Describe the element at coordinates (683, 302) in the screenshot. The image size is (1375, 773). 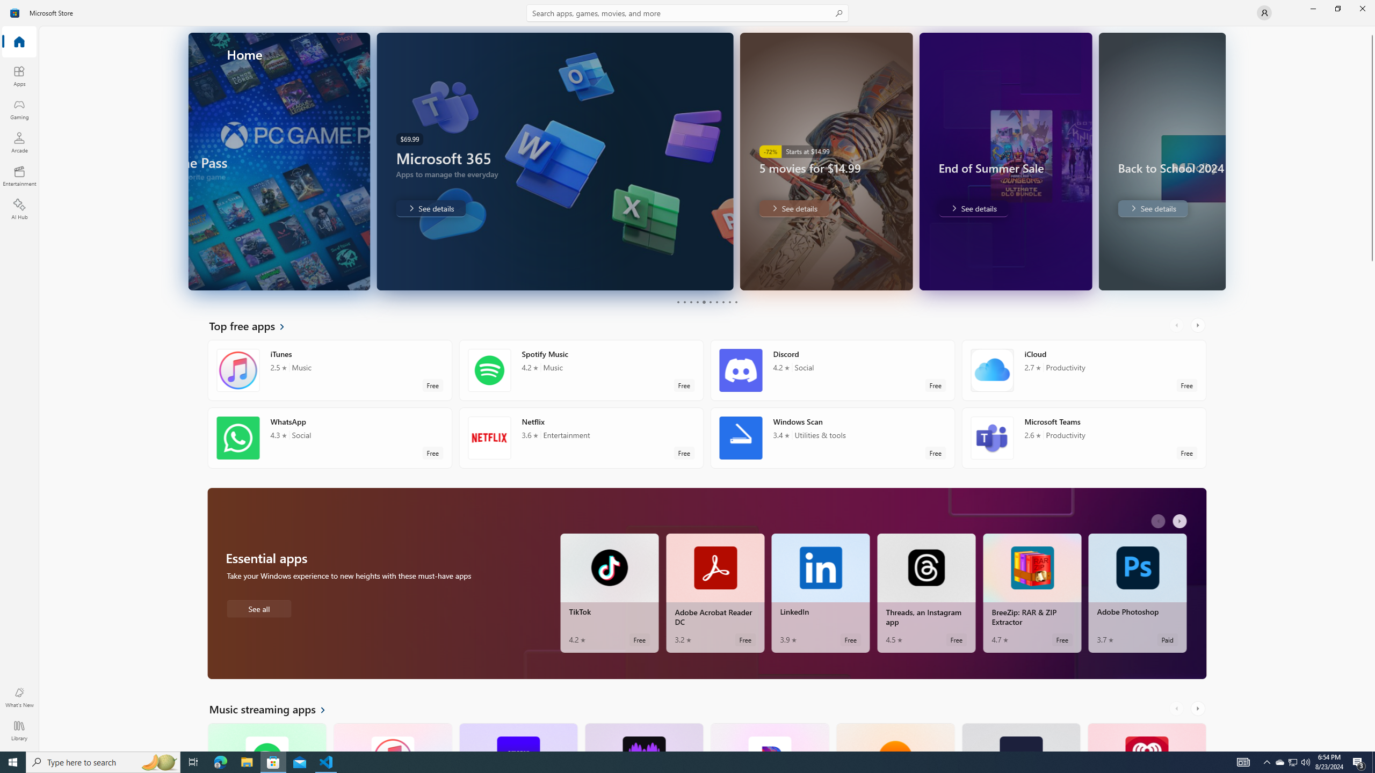
I see `'Page 2'` at that location.